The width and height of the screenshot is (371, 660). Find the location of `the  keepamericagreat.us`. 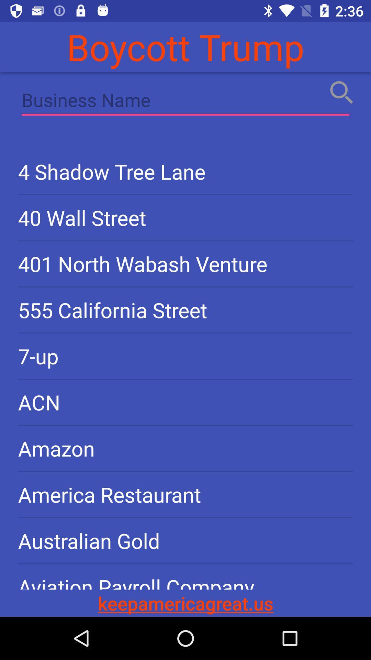

the  keepamericagreat.us is located at coordinates (185, 603).